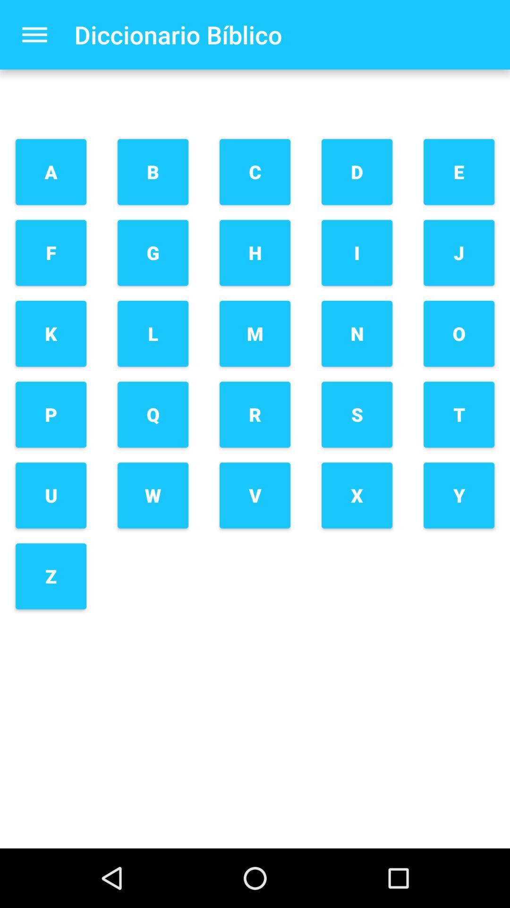 This screenshot has width=510, height=908. I want to click on i icon, so click(357, 253).